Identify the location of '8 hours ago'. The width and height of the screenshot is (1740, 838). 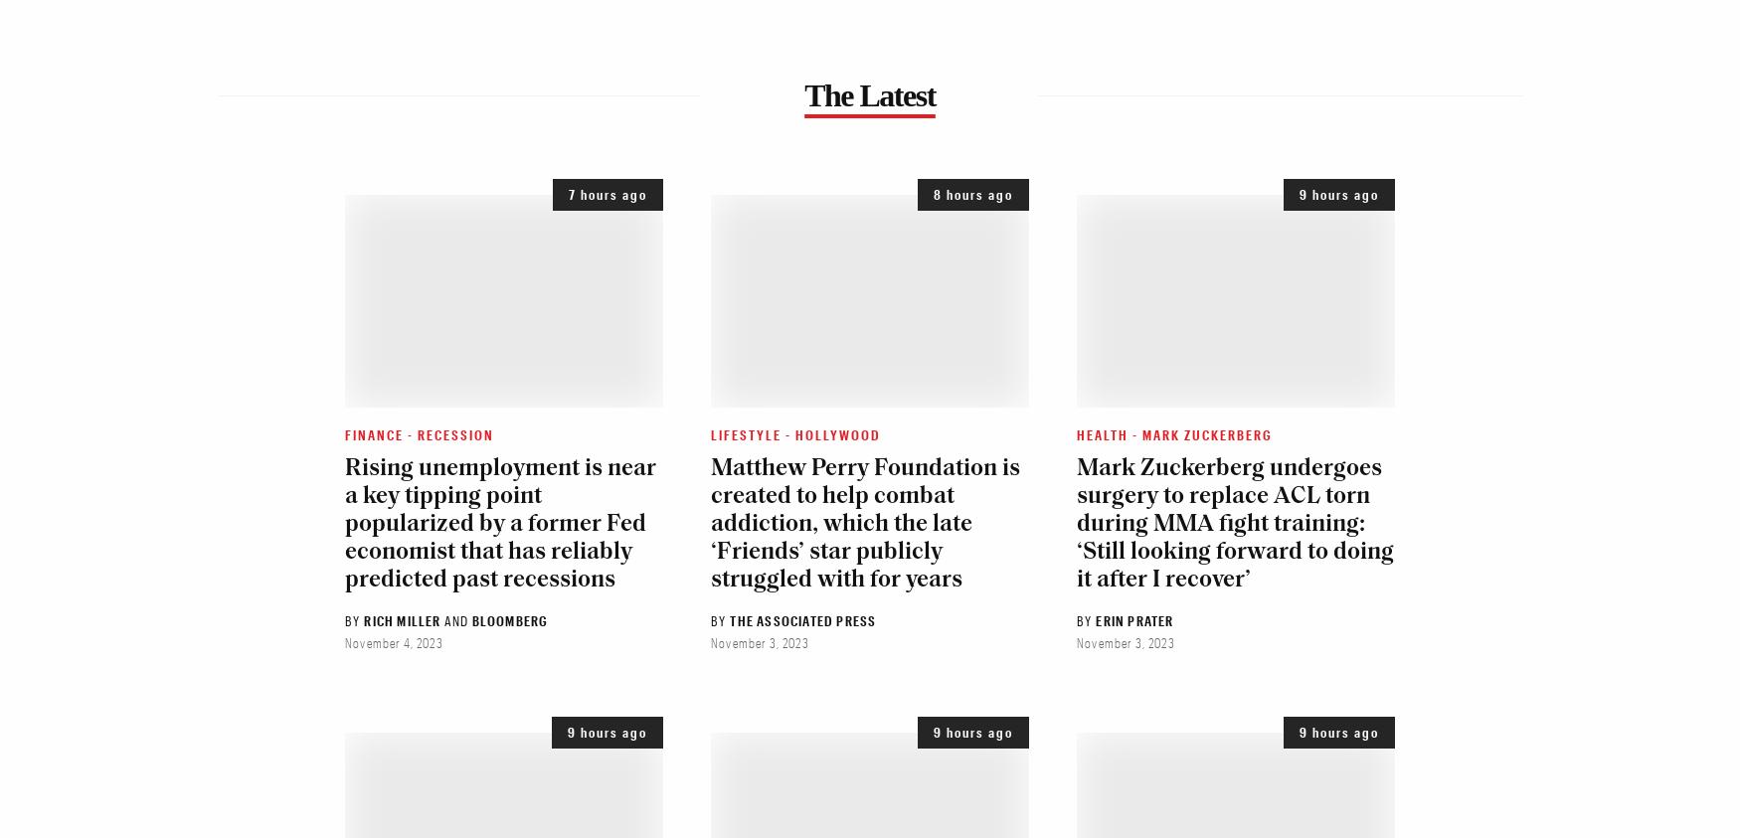
(972, 194).